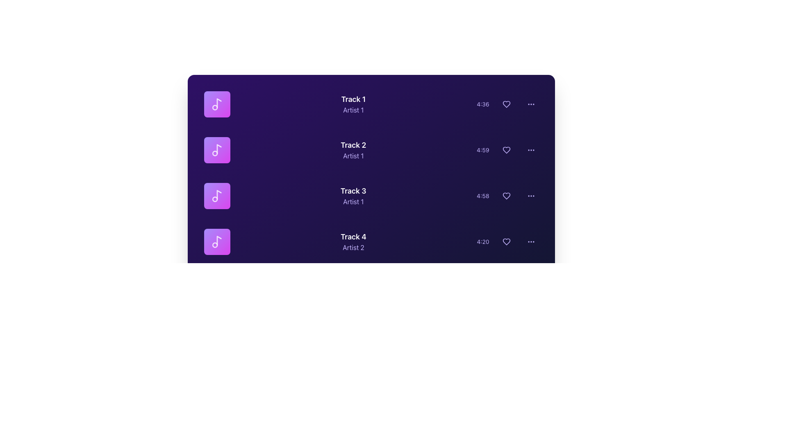 This screenshot has height=442, width=787. What do you see at coordinates (506, 104) in the screenshot?
I see `the heart icon button, which is styled with a white stroke and positioned to the far right of the row containing 'Track 1' and 'Artist 1'` at bounding box center [506, 104].